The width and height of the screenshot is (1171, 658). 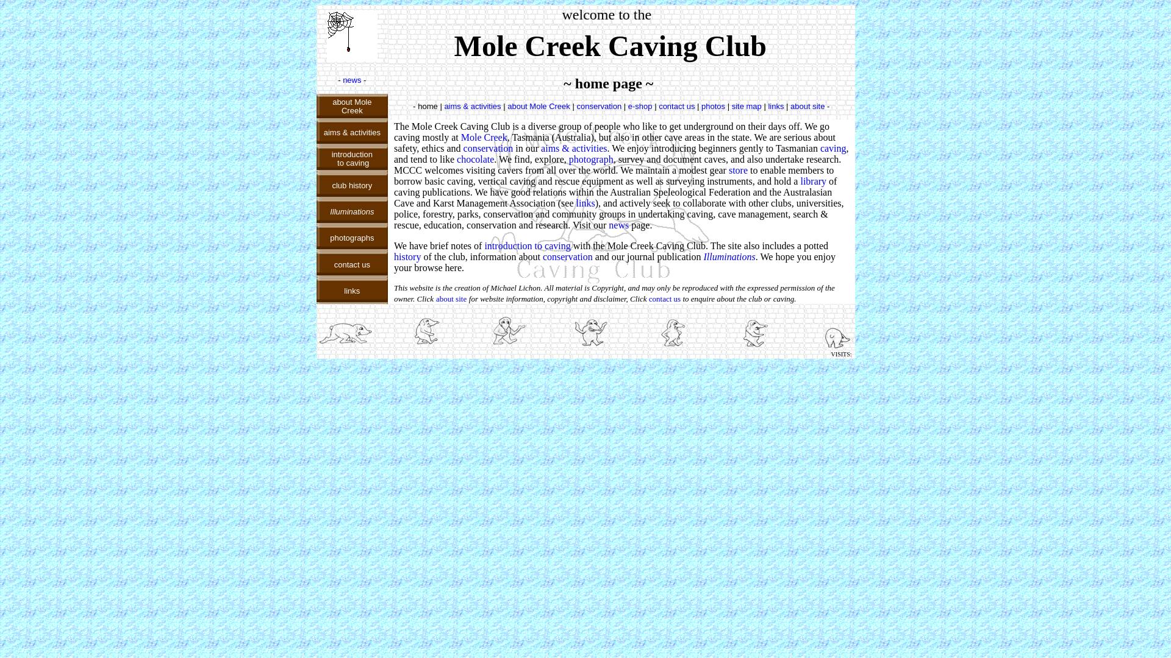 I want to click on 'e-shop', so click(x=640, y=105).